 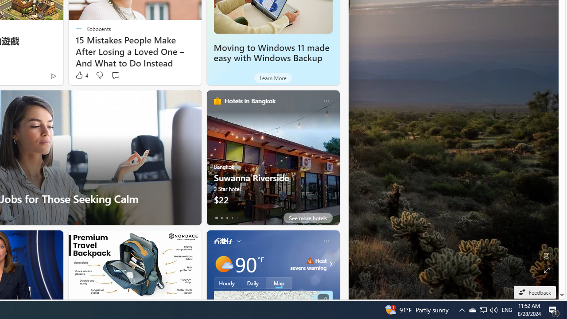 I want to click on 'Edit Background', so click(x=546, y=256).